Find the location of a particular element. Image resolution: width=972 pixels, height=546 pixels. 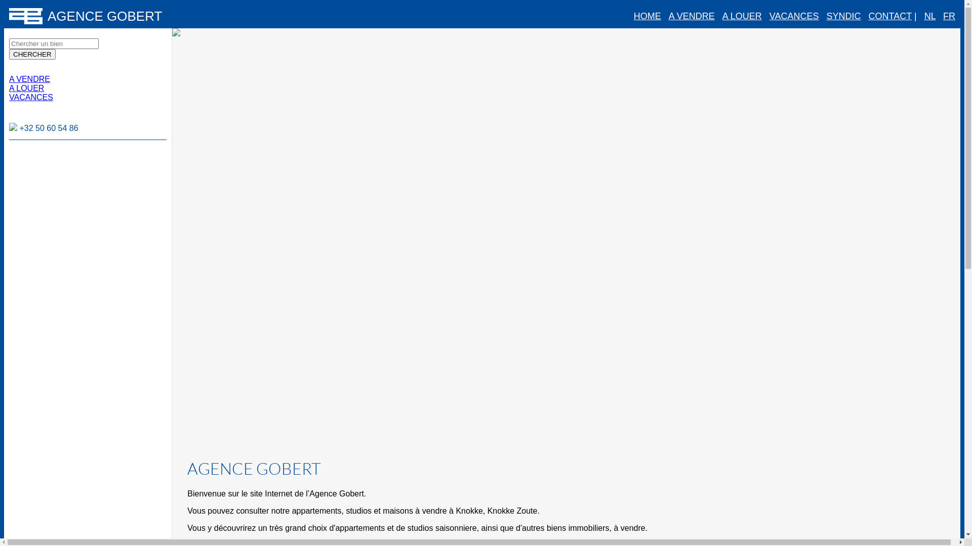

'A VENDRE' is located at coordinates (29, 78).